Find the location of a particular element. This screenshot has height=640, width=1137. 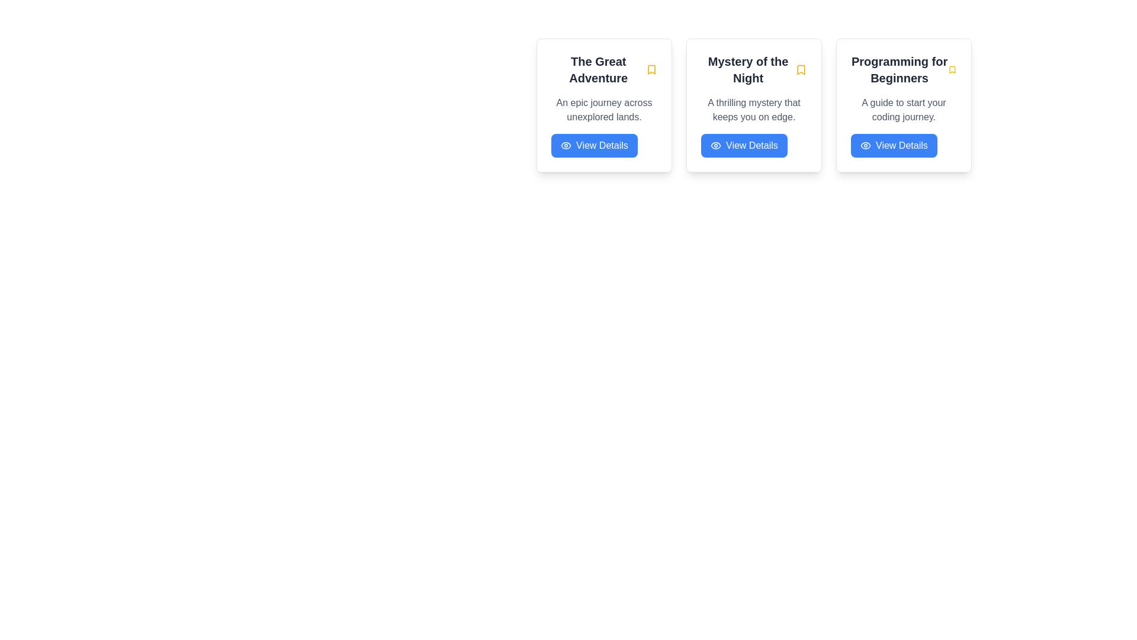

the bookmark icon is located at coordinates (801, 70).